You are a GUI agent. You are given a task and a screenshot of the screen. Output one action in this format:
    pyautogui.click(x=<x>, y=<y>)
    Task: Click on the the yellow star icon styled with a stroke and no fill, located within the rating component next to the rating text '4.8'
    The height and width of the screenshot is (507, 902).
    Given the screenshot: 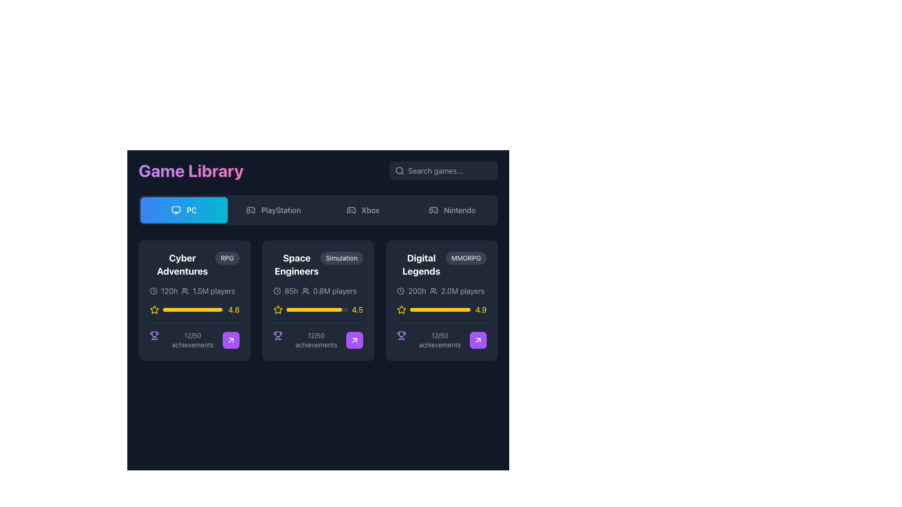 What is the action you would take?
    pyautogui.click(x=155, y=309)
    